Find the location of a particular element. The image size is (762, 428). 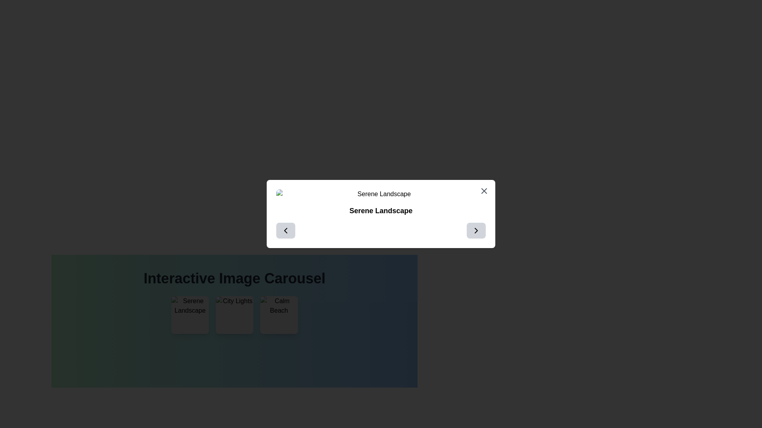

the Close button located in the top-right corner of the modal dialog titled 'Serene Landscape' is located at coordinates (483, 191).